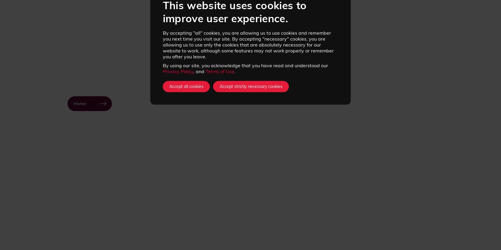 The width and height of the screenshot is (501, 250). I want to click on 'Competitions', so click(309, 242).